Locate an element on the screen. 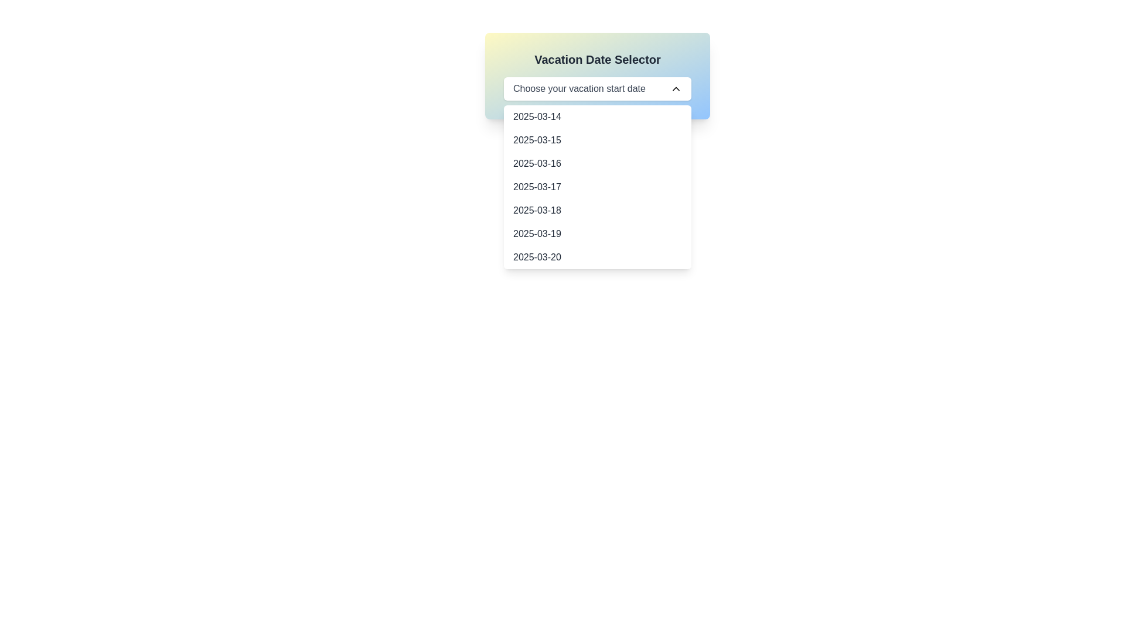 The width and height of the screenshot is (1125, 632). the dropdown menu trigger button located in the 'Vacation Date Selector' area is located at coordinates (597, 88).